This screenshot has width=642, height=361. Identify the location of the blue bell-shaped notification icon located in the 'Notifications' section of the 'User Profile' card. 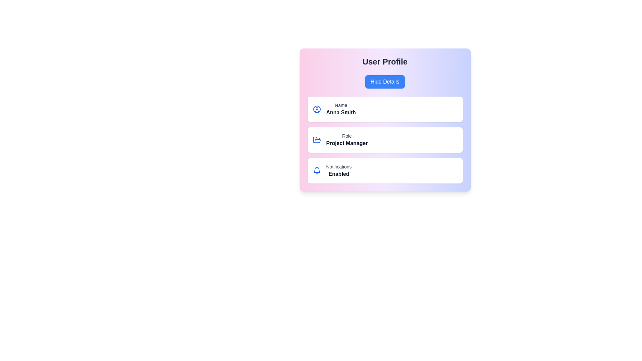
(316, 170).